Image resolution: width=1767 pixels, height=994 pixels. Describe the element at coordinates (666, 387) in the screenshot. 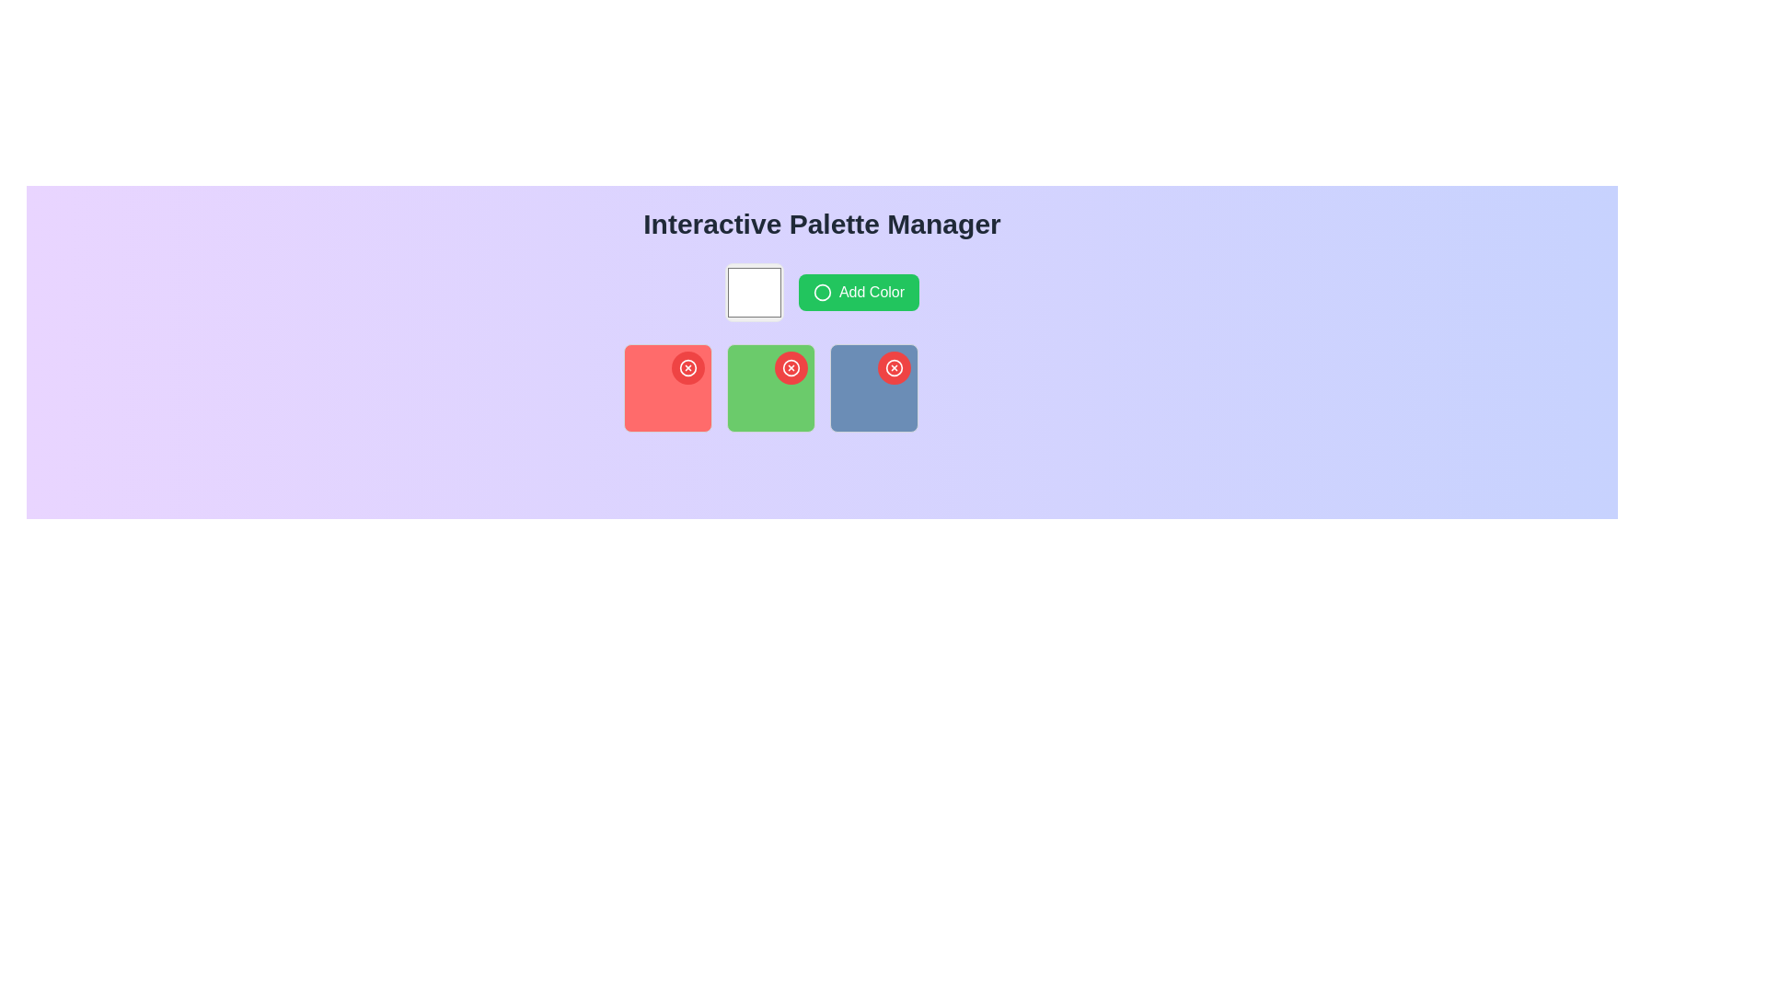

I see `the interactive color swatch with a red background located in the upper-left corner of the grid` at that location.